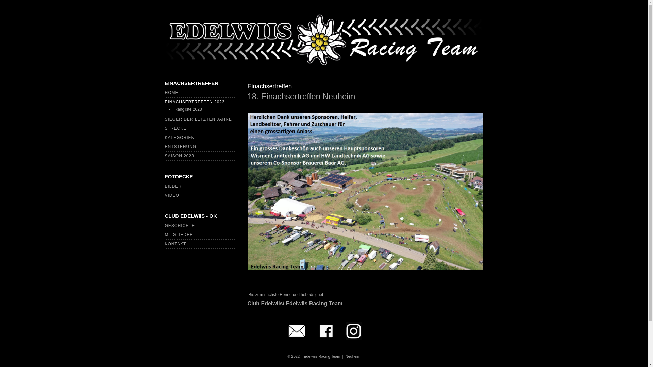 The width and height of the screenshot is (653, 367). I want to click on 'GESCHICHTE', so click(180, 225).